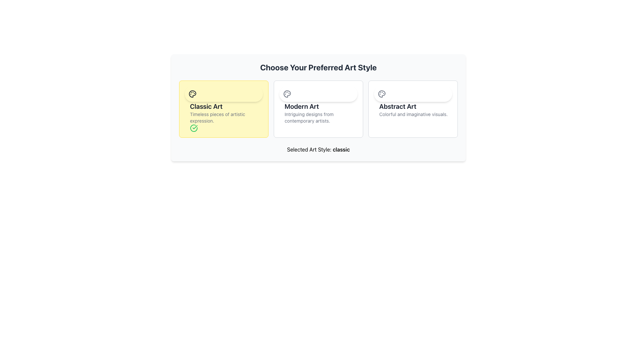  Describe the element at coordinates (321, 117) in the screenshot. I see `the descriptive text label located beneath the heading of the 'Modern Art' card in the center of a three-card layout` at that location.